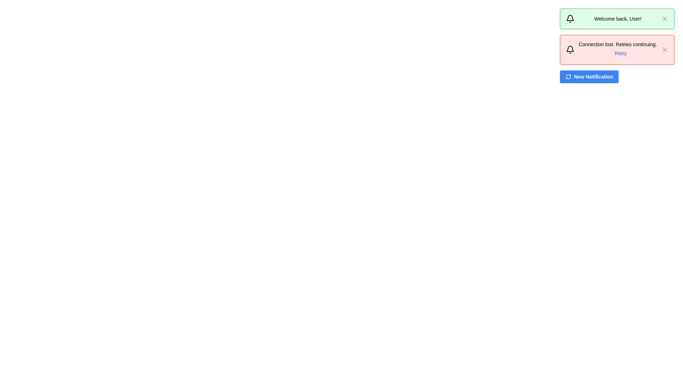  Describe the element at coordinates (664, 49) in the screenshot. I see `the close button located in the top right corner of the notification box with the message 'Connection lost. Retries continuing.'` at that location.